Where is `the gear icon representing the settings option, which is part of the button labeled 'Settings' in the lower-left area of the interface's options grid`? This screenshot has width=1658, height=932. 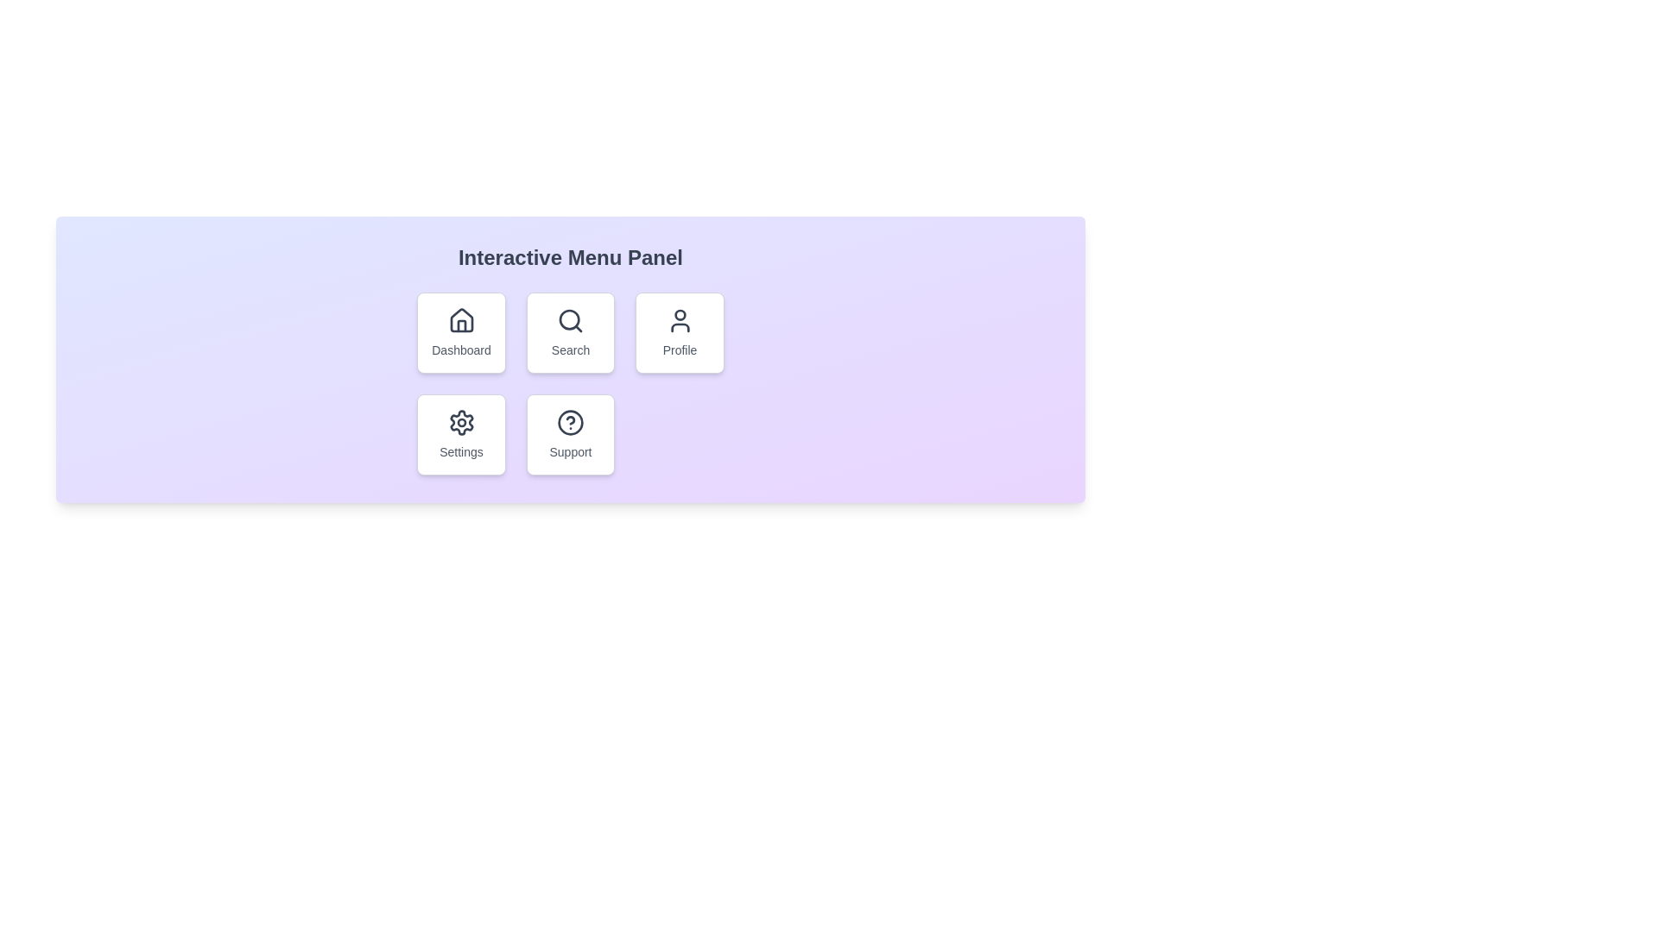 the gear icon representing the settings option, which is part of the button labeled 'Settings' in the lower-left area of the interface's options grid is located at coordinates (461, 422).